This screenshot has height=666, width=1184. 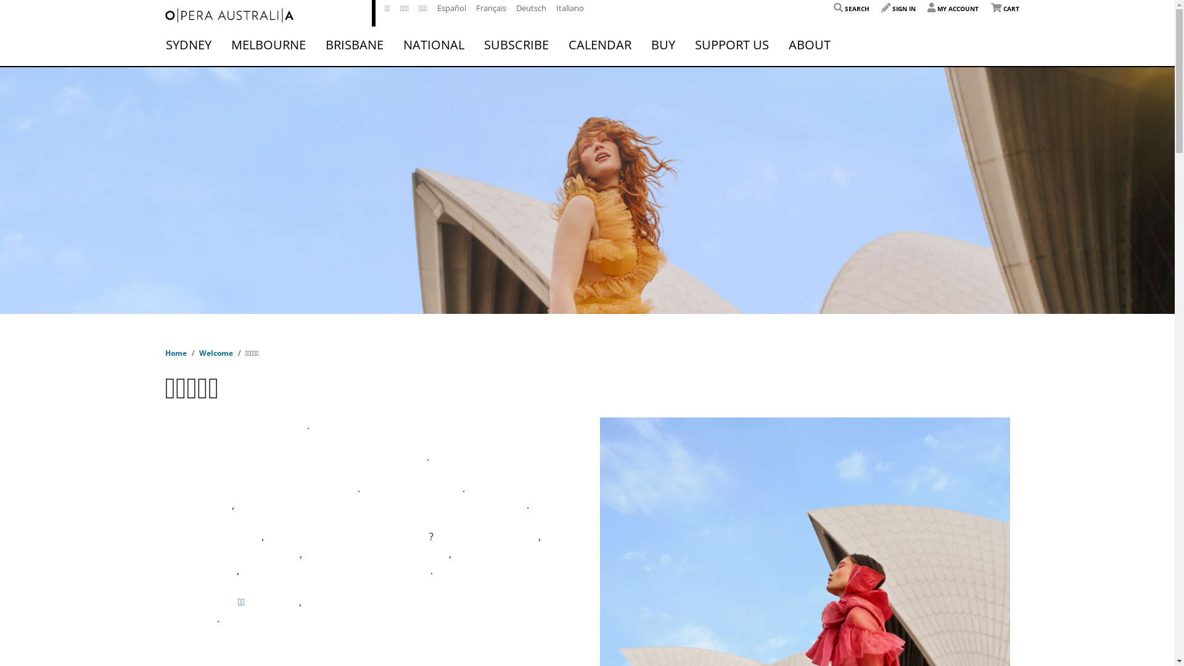 I want to click on 'CART', so click(x=1004, y=9).